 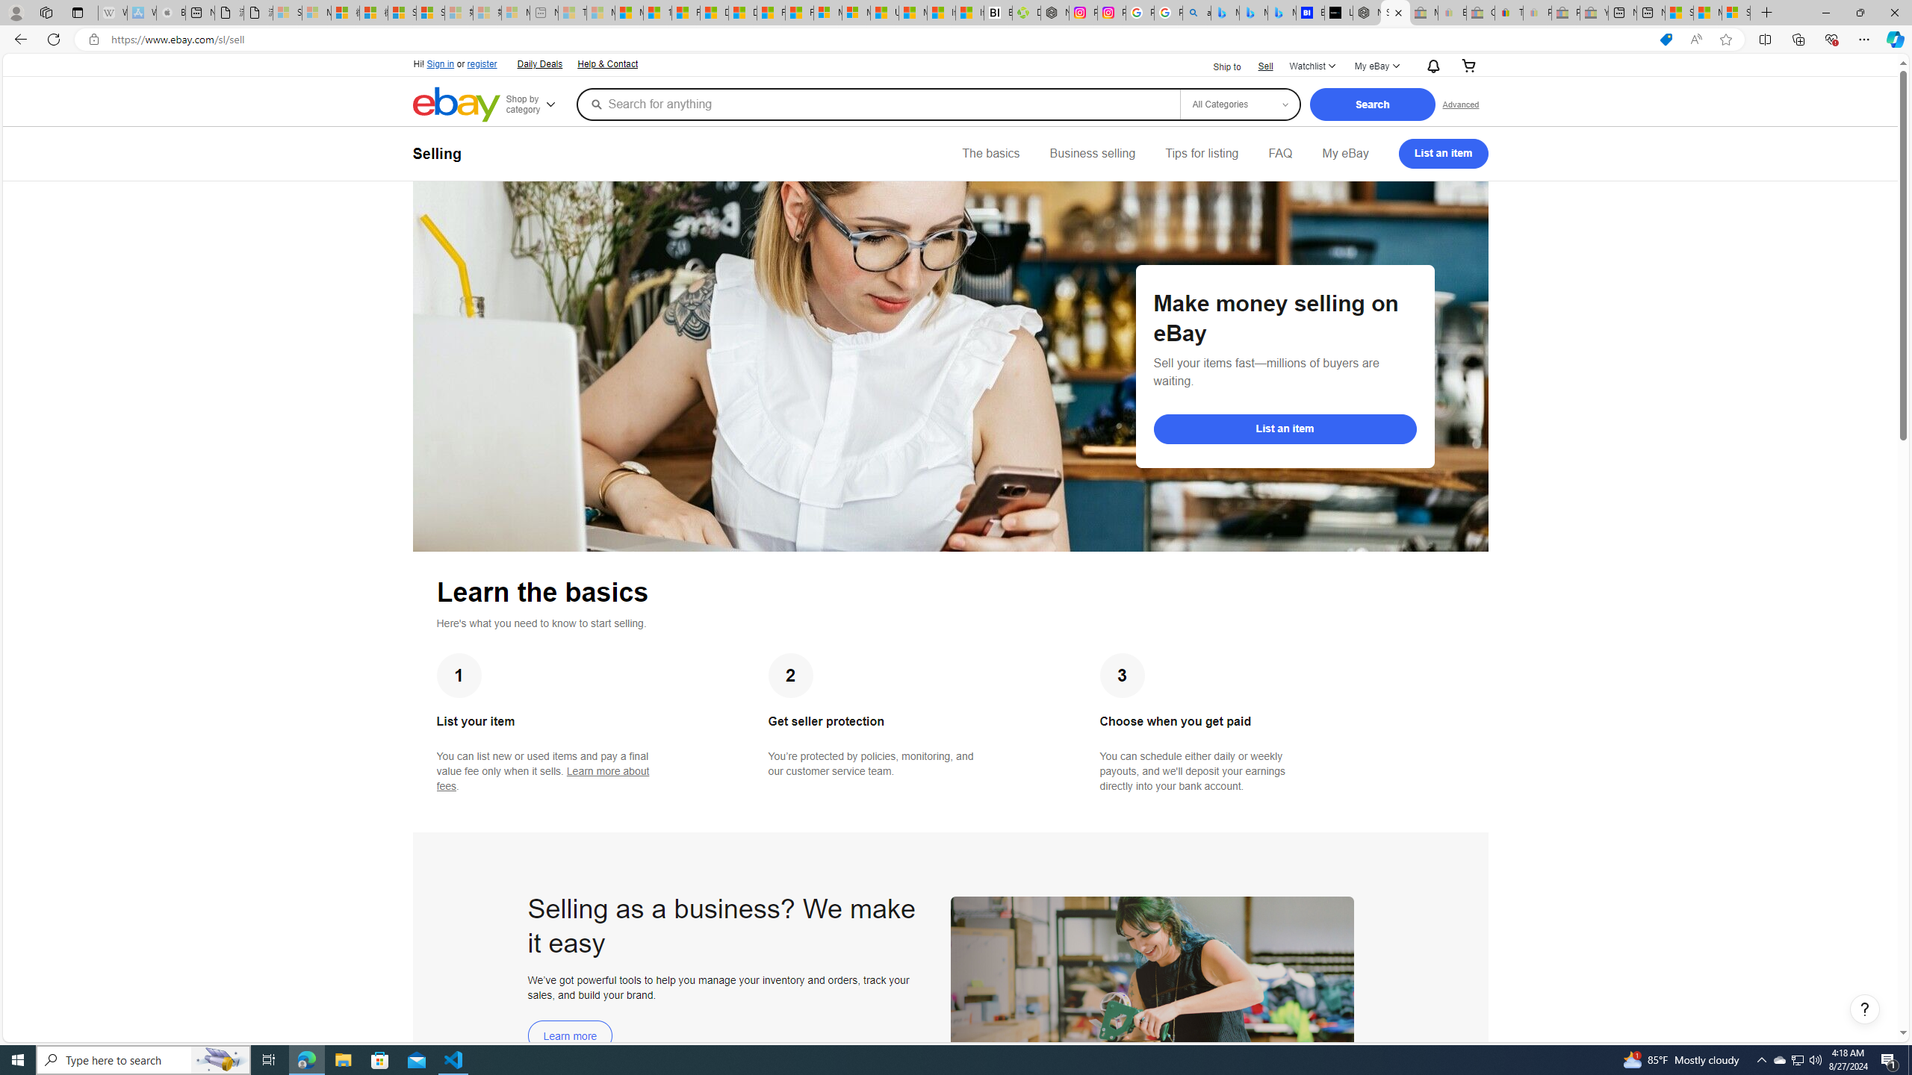 What do you see at coordinates (1093, 152) in the screenshot?
I see `'Business selling'` at bounding box center [1093, 152].